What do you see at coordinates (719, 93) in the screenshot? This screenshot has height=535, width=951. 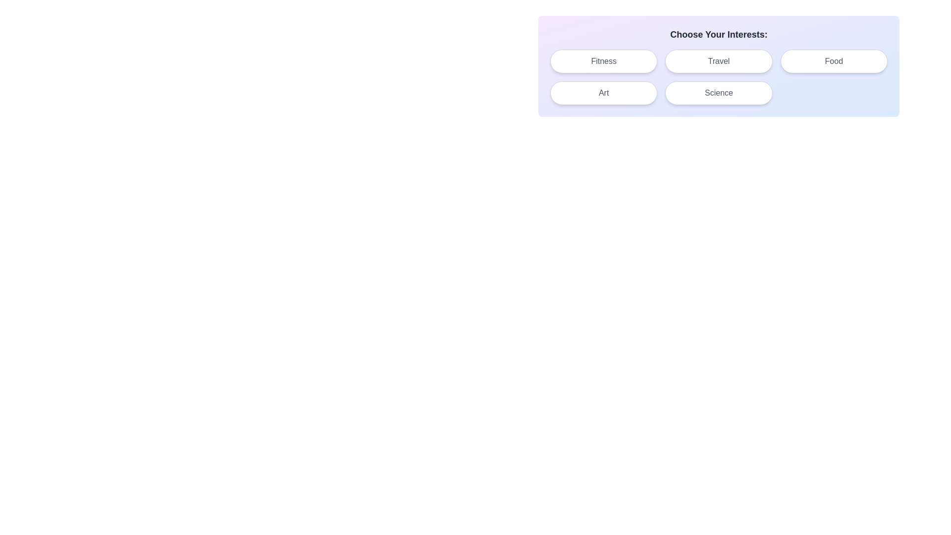 I see `the chip labeled Science to observe the hover effect` at bounding box center [719, 93].